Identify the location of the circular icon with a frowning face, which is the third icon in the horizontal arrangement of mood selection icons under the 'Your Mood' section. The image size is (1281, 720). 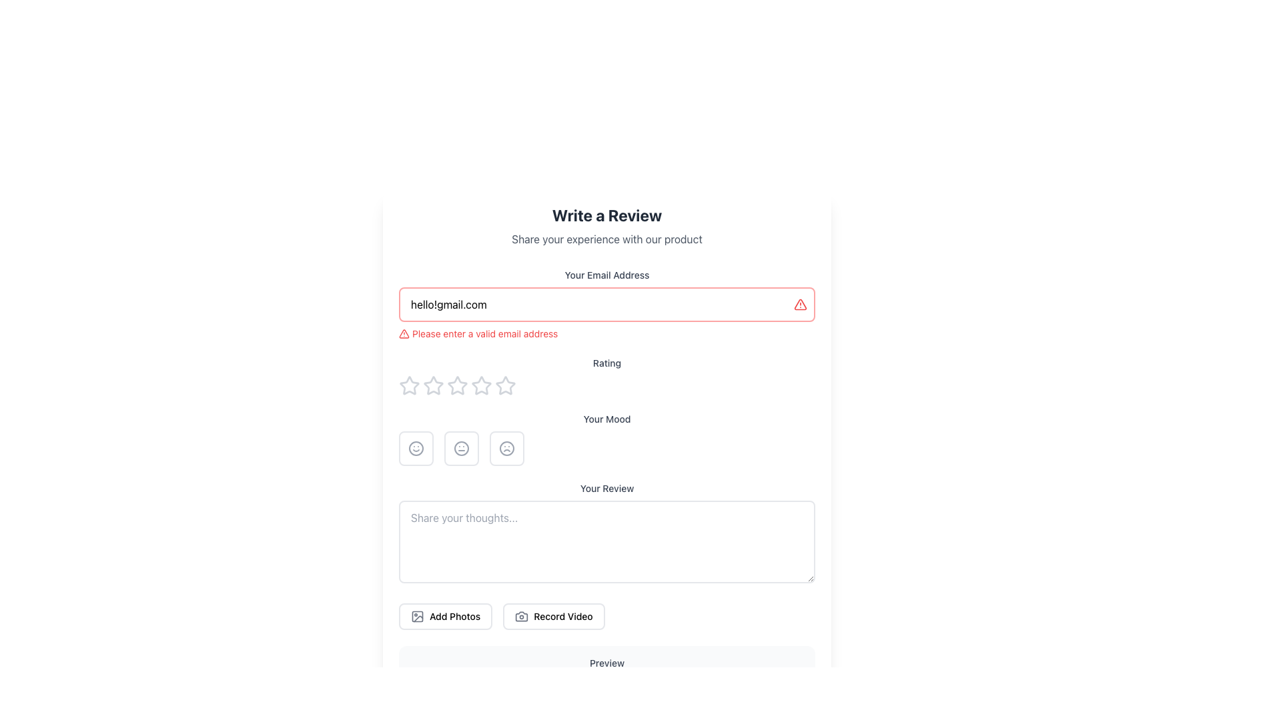
(506, 448).